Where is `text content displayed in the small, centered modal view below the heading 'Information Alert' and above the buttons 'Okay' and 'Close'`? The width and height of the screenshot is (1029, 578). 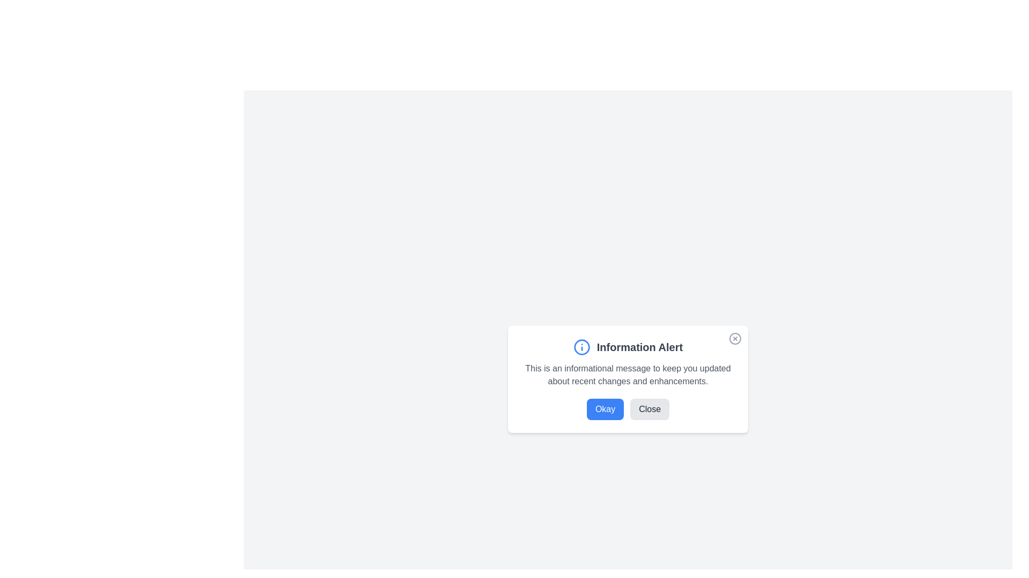
text content displayed in the small, centered modal view below the heading 'Information Alert' and above the buttons 'Okay' and 'Close' is located at coordinates (628, 375).